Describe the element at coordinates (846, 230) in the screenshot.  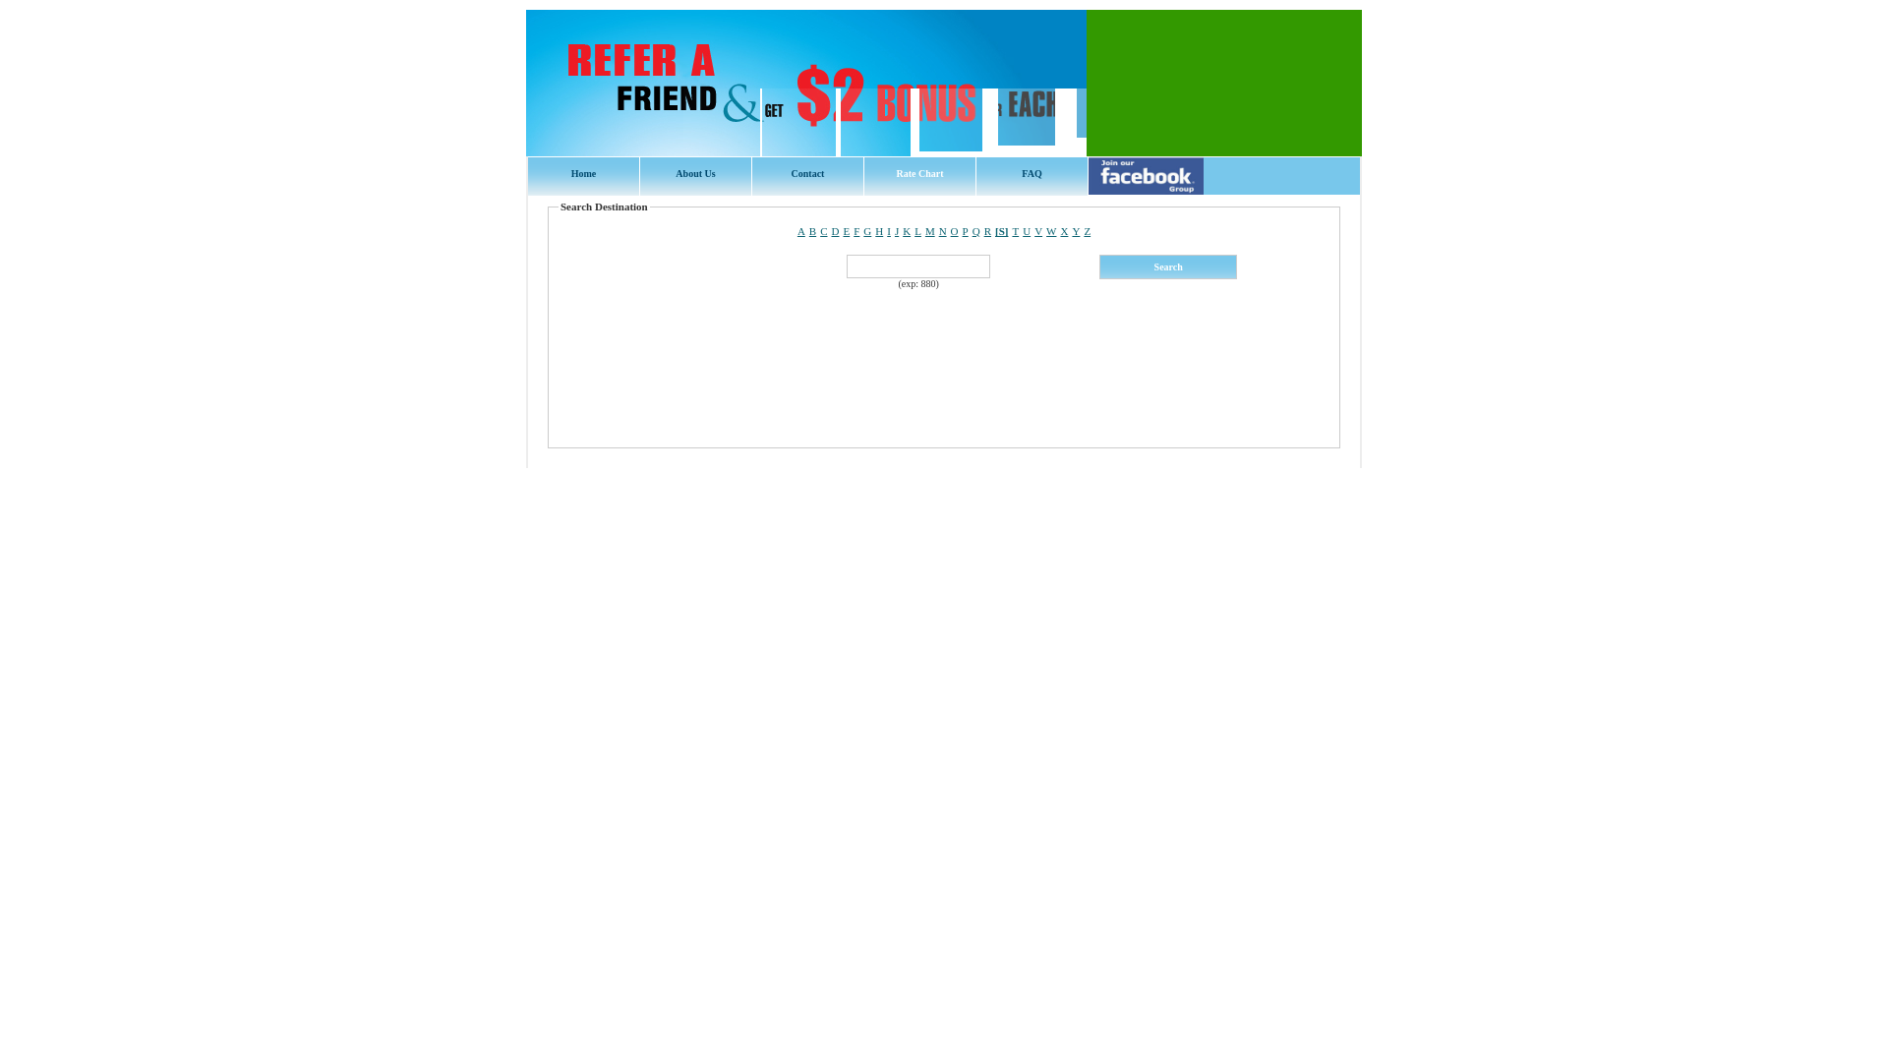
I see `'E'` at that location.